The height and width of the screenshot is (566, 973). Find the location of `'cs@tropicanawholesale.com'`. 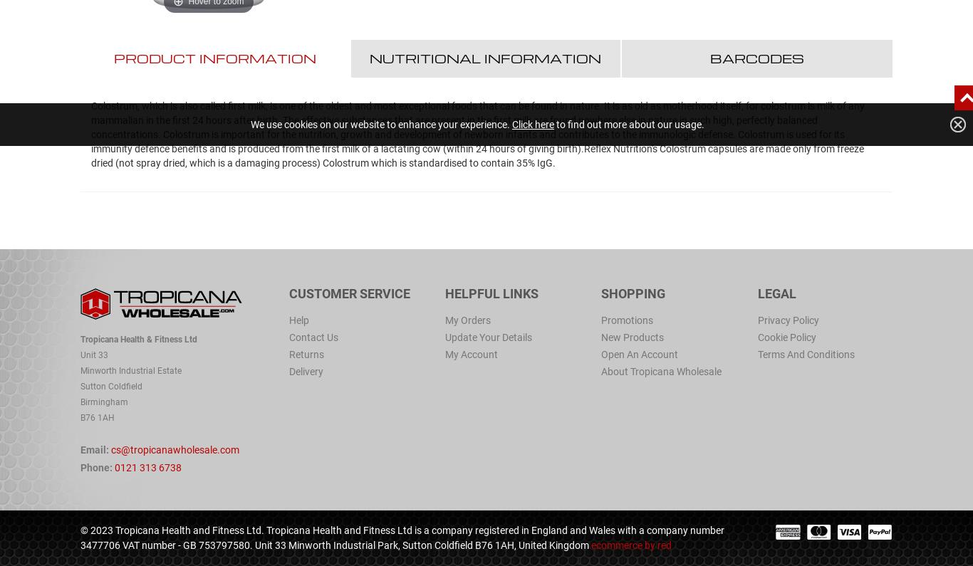

'cs@tropicanawholesale.com' is located at coordinates (175, 449).